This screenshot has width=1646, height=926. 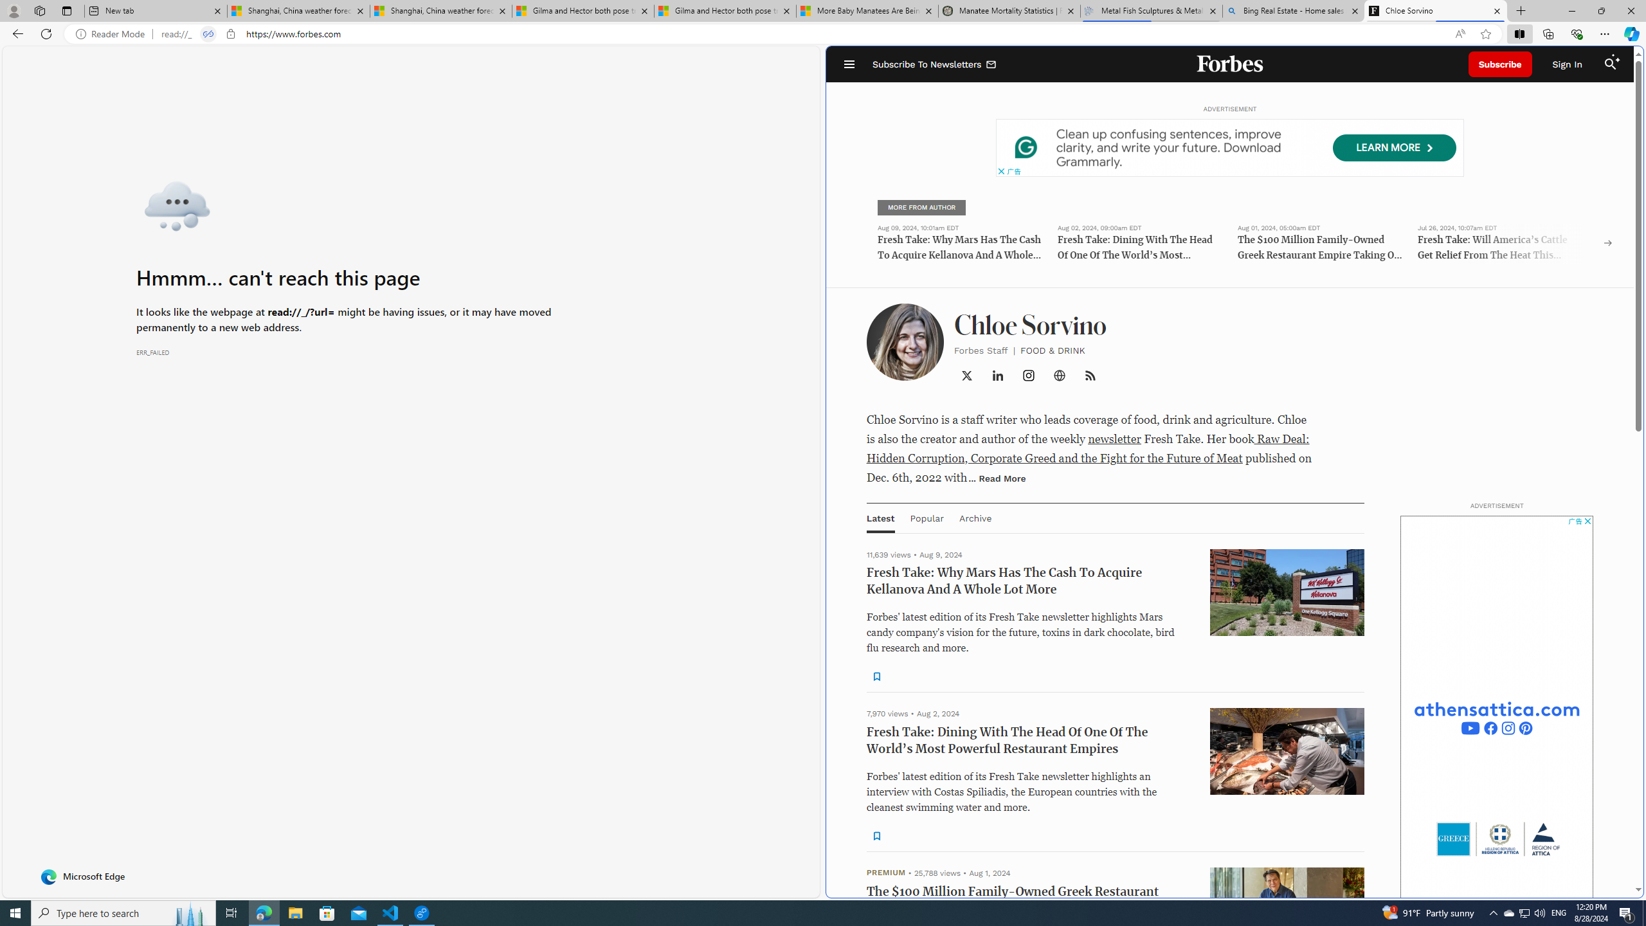 What do you see at coordinates (975, 517) in the screenshot?
I see `'Archive'` at bounding box center [975, 517].